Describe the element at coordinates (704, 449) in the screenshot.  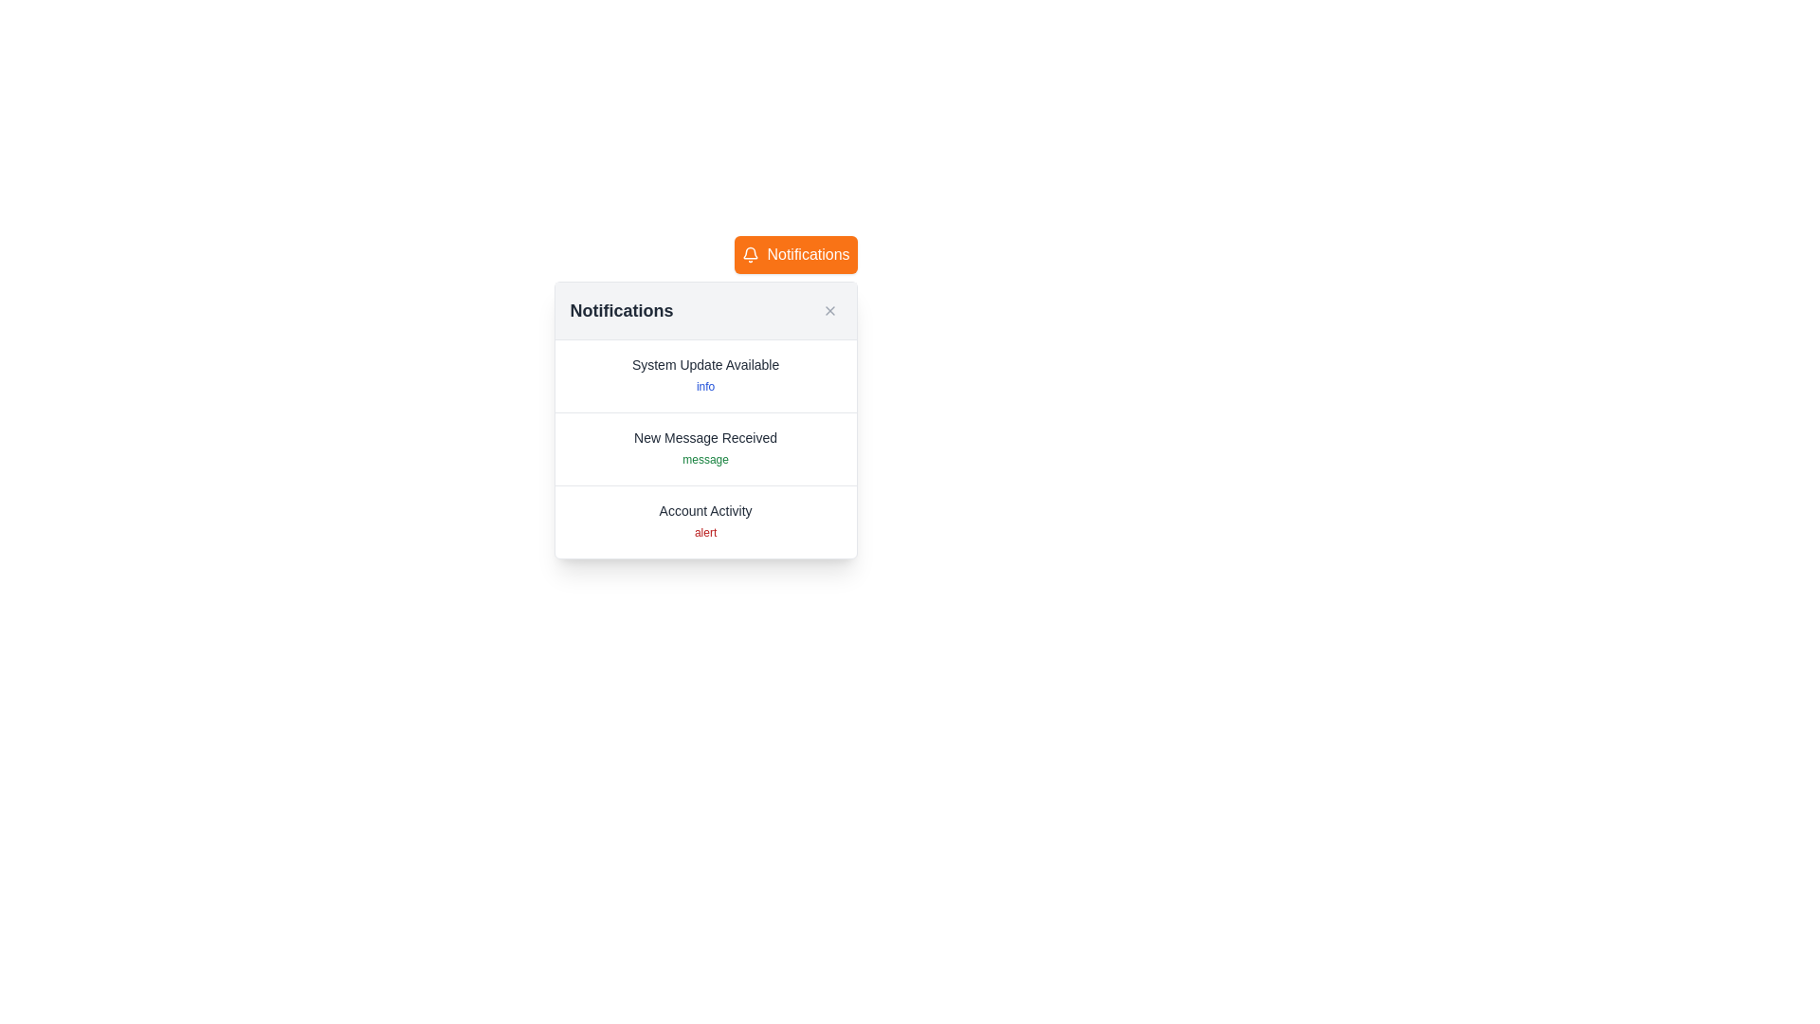
I see `the second notification item in the 'Notifications' dropdown, which displays 'New Message Received' in bold and green text` at that location.